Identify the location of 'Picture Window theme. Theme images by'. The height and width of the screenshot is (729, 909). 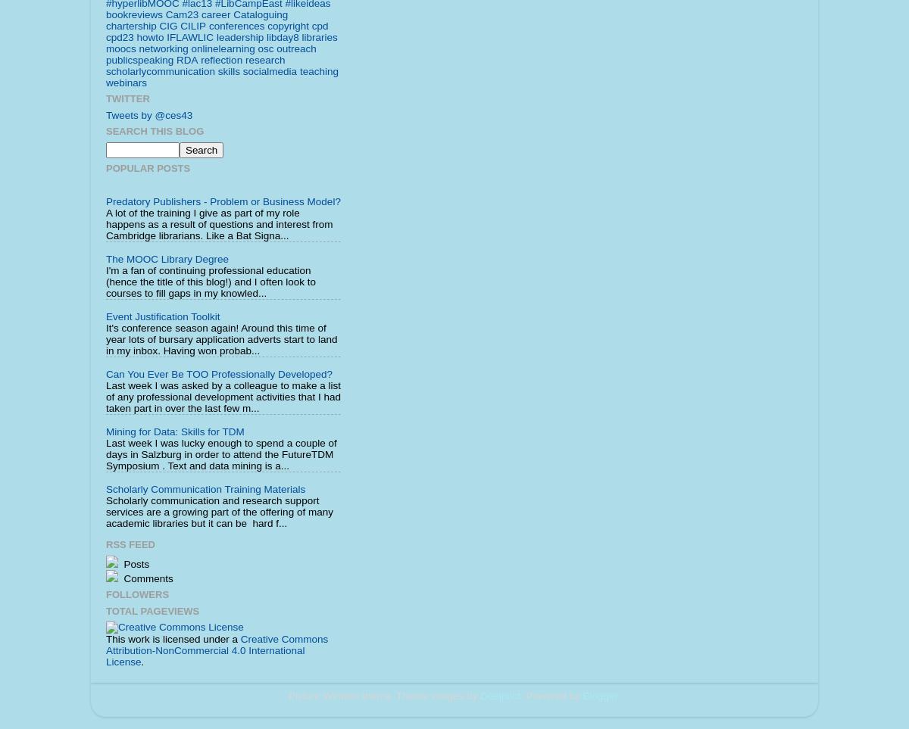
(383, 695).